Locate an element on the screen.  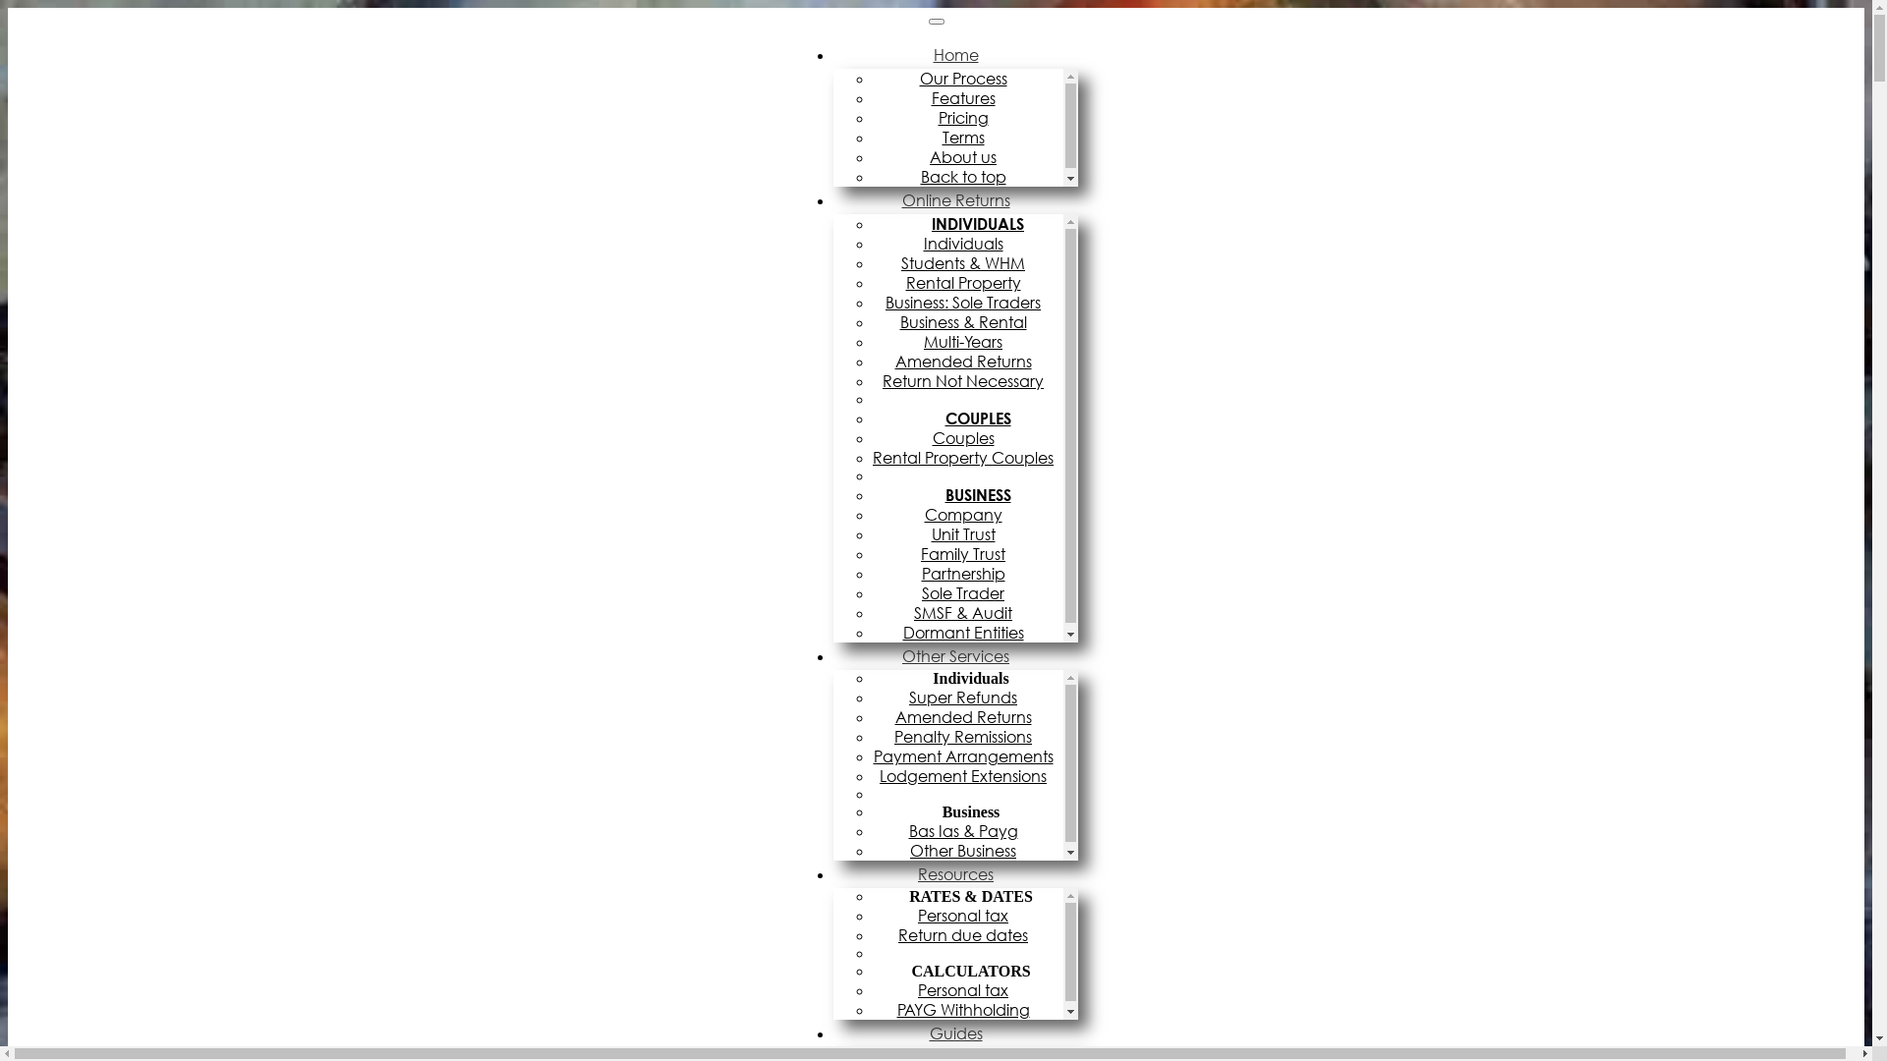
'Unit Trust' is located at coordinates (968, 533).